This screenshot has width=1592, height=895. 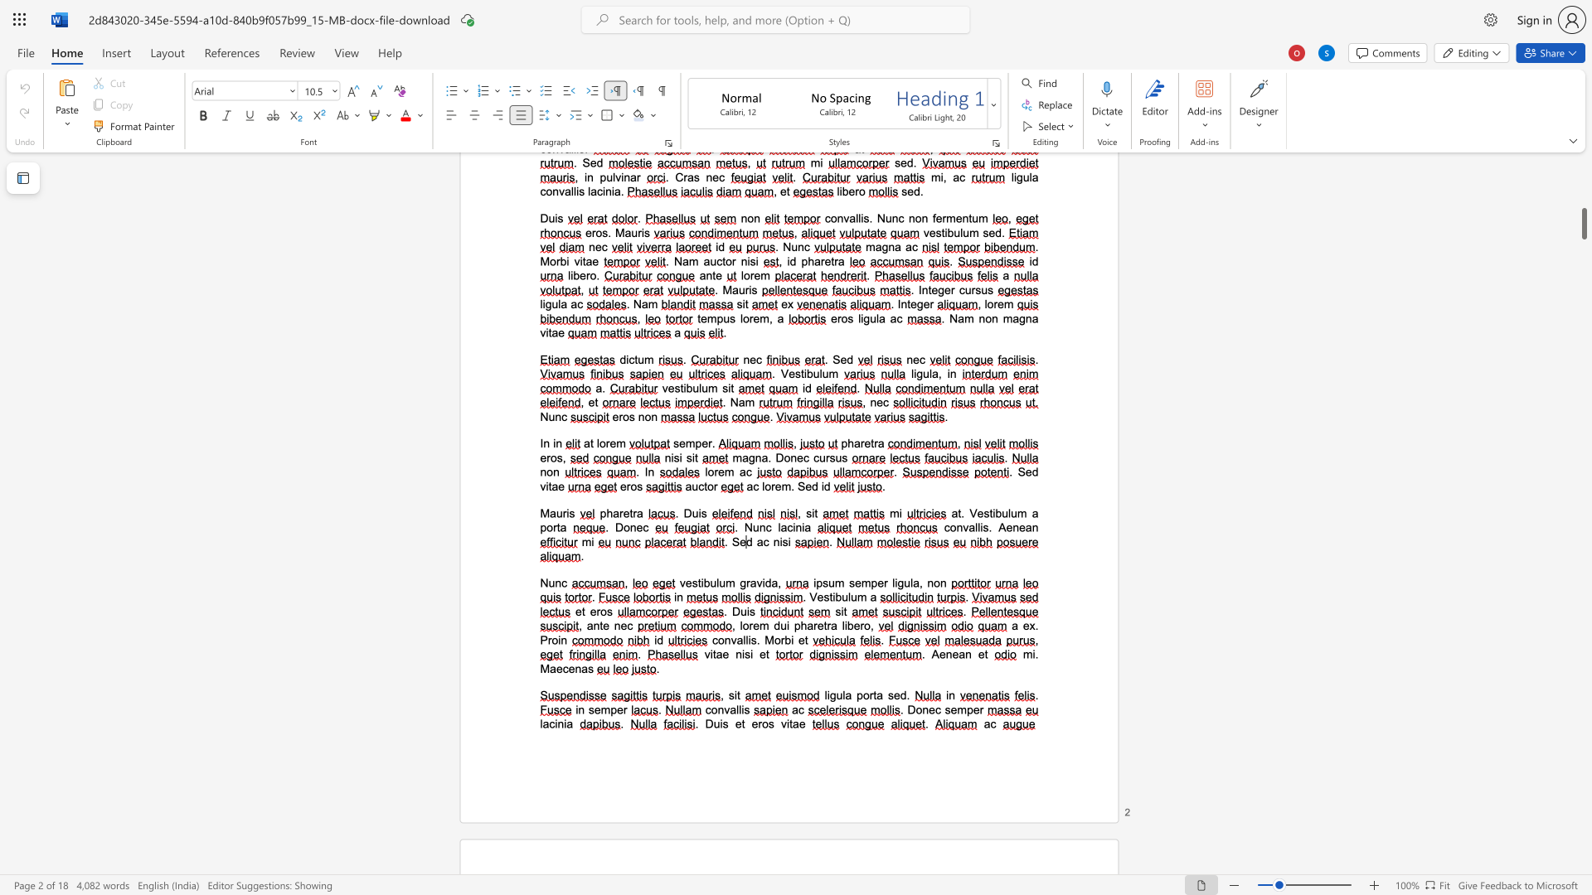 What do you see at coordinates (593, 626) in the screenshot?
I see `the space between the continuous character "a" and "n" in the text` at bounding box center [593, 626].